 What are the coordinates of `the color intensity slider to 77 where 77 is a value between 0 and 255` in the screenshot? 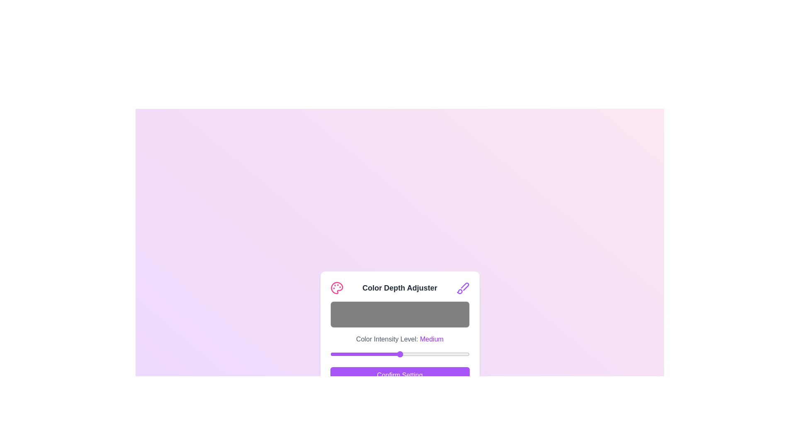 It's located at (371, 354).